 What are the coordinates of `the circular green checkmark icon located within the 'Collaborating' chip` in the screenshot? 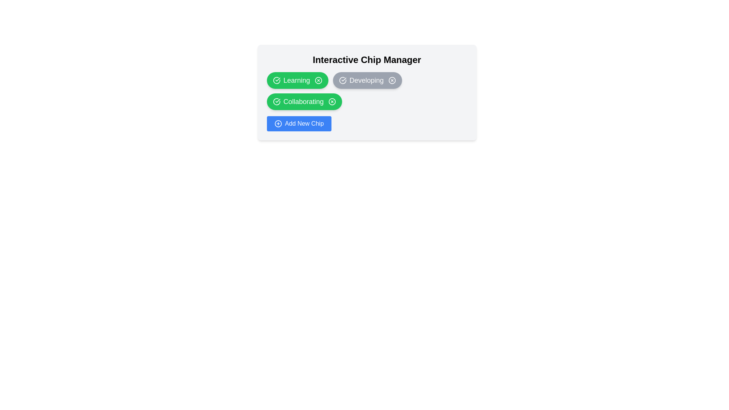 It's located at (276, 101).